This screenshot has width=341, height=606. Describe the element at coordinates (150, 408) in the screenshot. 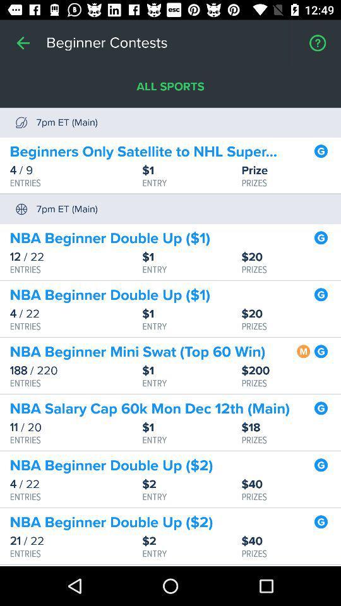

I see `nba salary cap icon` at that location.